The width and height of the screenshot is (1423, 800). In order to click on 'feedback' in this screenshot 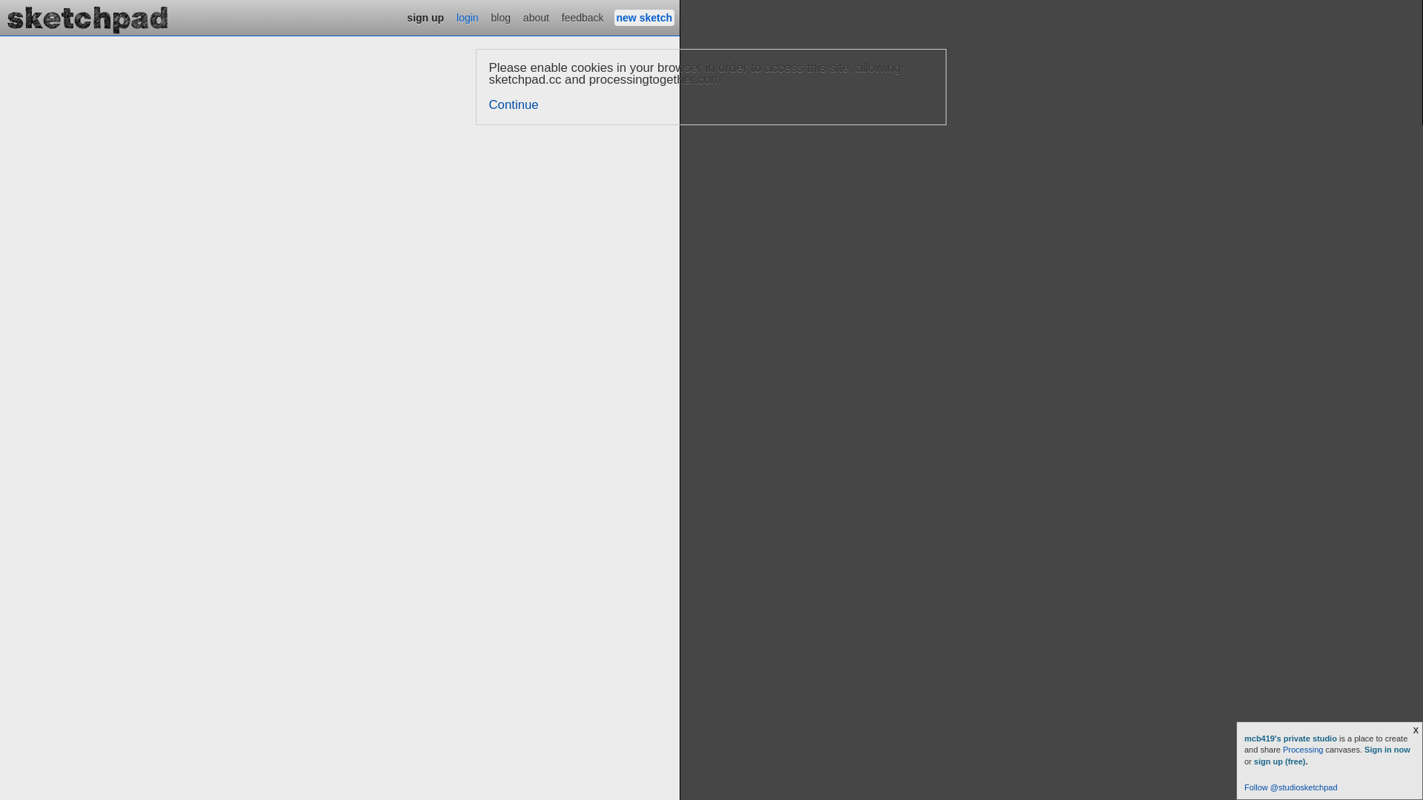, I will do `click(558, 17)`.